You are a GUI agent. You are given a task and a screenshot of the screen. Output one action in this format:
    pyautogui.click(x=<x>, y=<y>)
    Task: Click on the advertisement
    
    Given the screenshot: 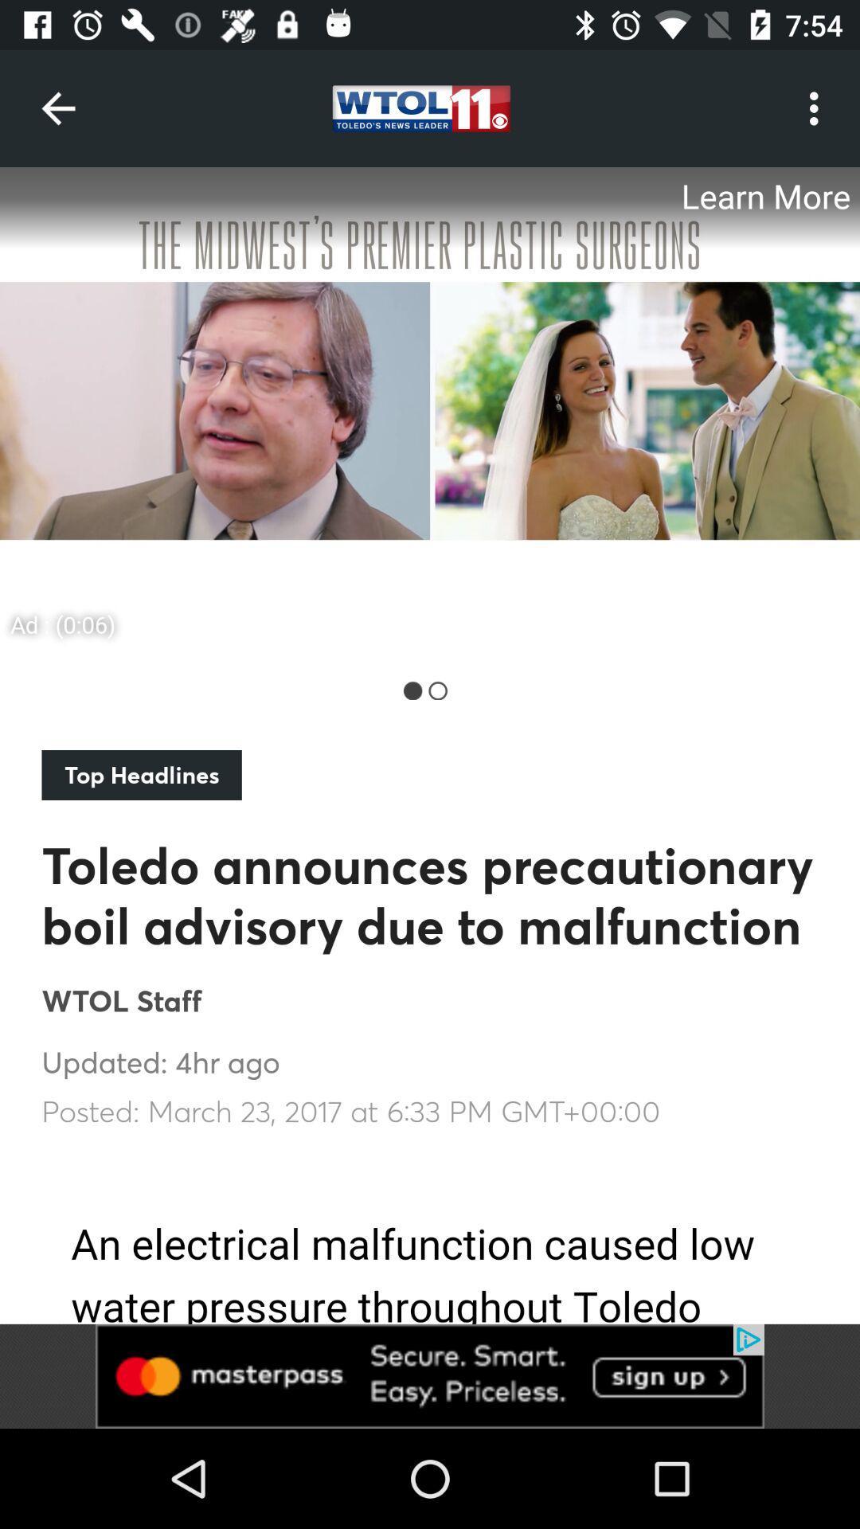 What is the action you would take?
    pyautogui.click(x=430, y=1375)
    